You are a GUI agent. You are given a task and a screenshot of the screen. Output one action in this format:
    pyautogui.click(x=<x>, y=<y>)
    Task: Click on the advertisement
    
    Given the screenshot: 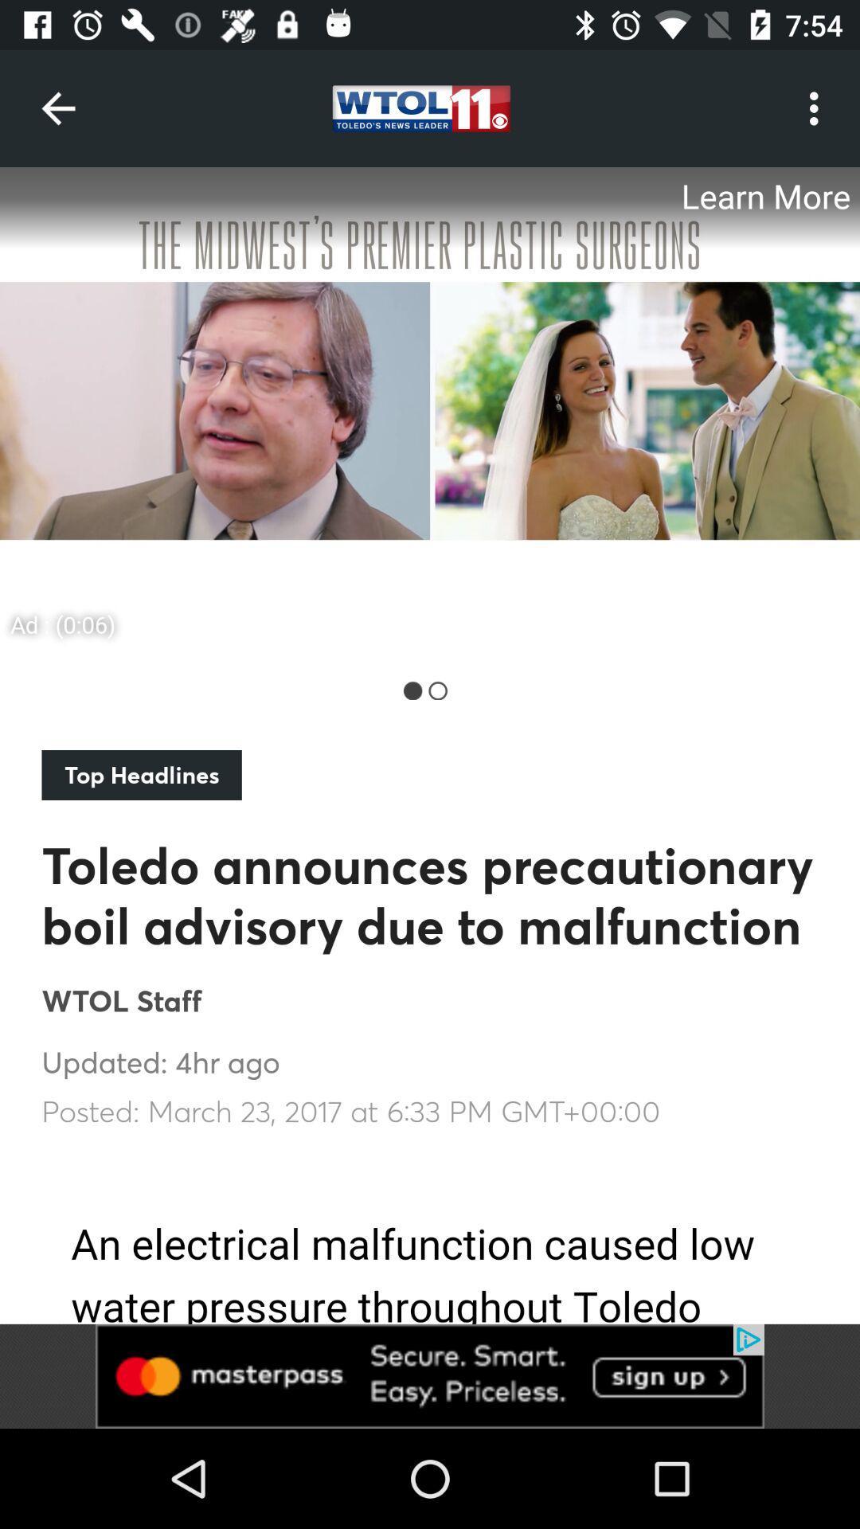 What is the action you would take?
    pyautogui.click(x=430, y=1375)
    